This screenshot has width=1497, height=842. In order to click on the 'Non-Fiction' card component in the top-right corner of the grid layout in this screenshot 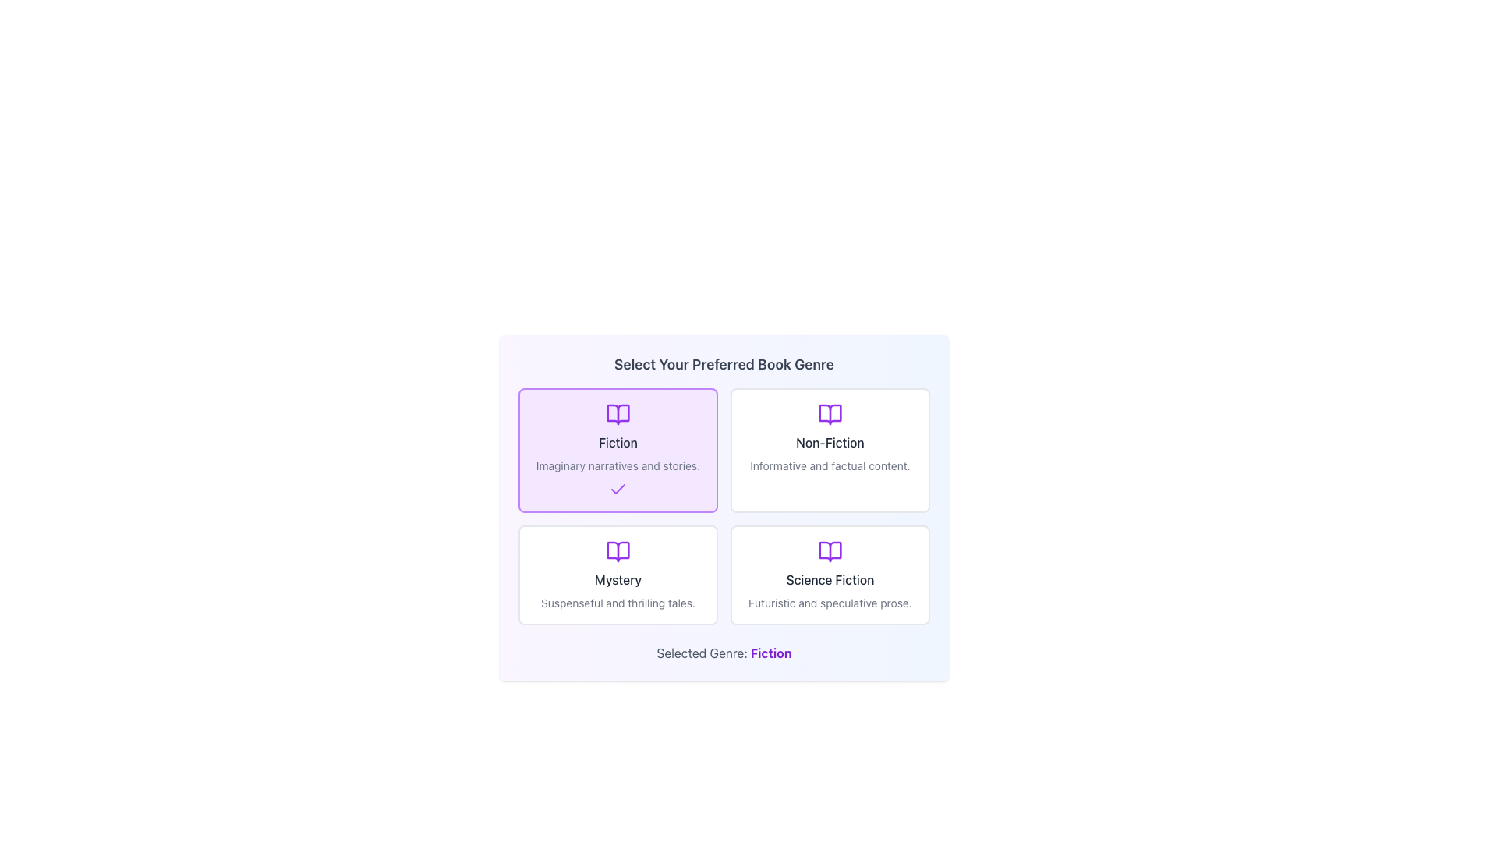, I will do `click(830, 451)`.